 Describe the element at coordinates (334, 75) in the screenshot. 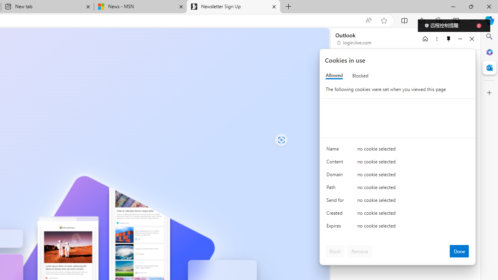

I see `'Allowed'` at that location.